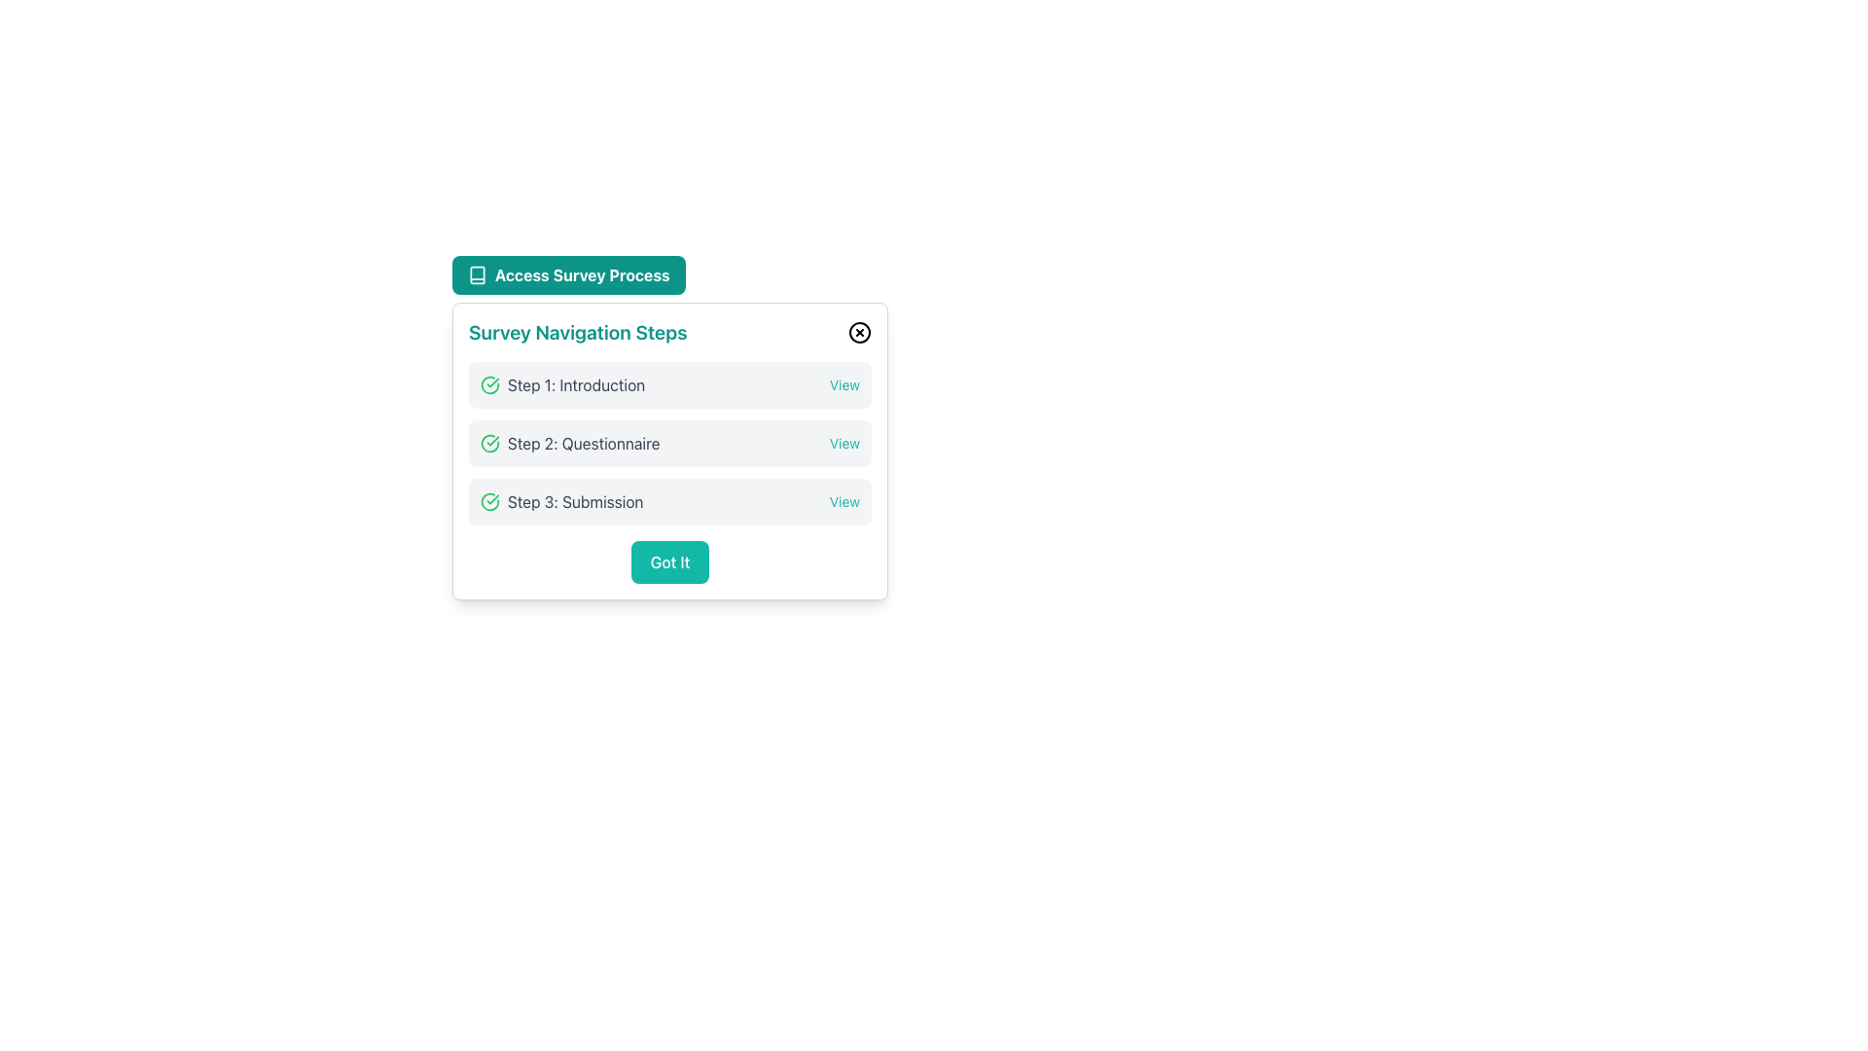  Describe the element at coordinates (670, 332) in the screenshot. I see `the header area of the modal titled 'Survey Navigation Steps' which has a close button on its right side` at that location.